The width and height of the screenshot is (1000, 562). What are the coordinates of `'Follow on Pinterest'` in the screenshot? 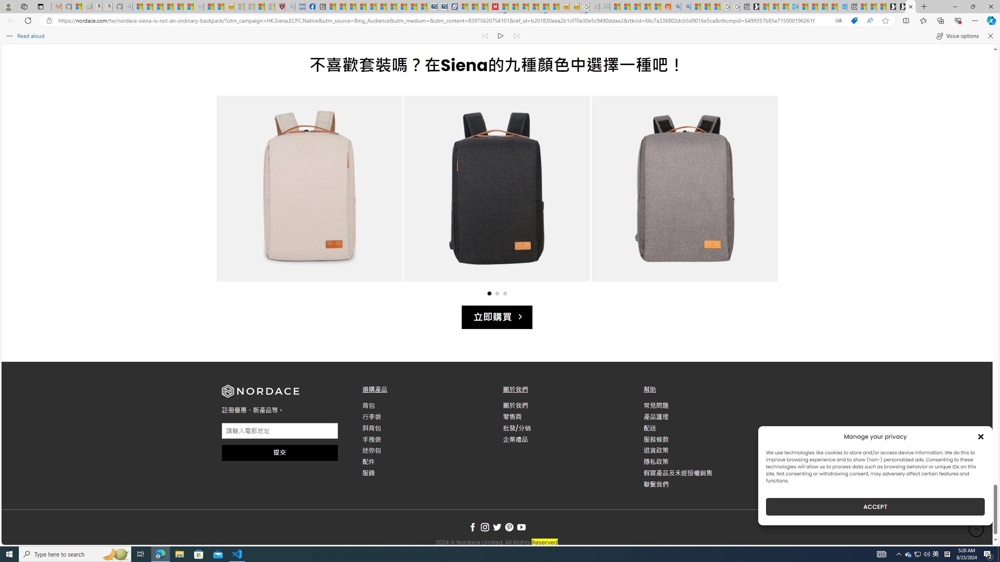 It's located at (509, 527).